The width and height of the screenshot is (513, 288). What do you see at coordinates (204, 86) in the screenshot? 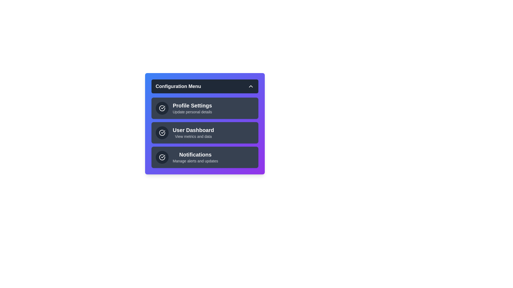
I see `the header button to toggle the menu` at bounding box center [204, 86].